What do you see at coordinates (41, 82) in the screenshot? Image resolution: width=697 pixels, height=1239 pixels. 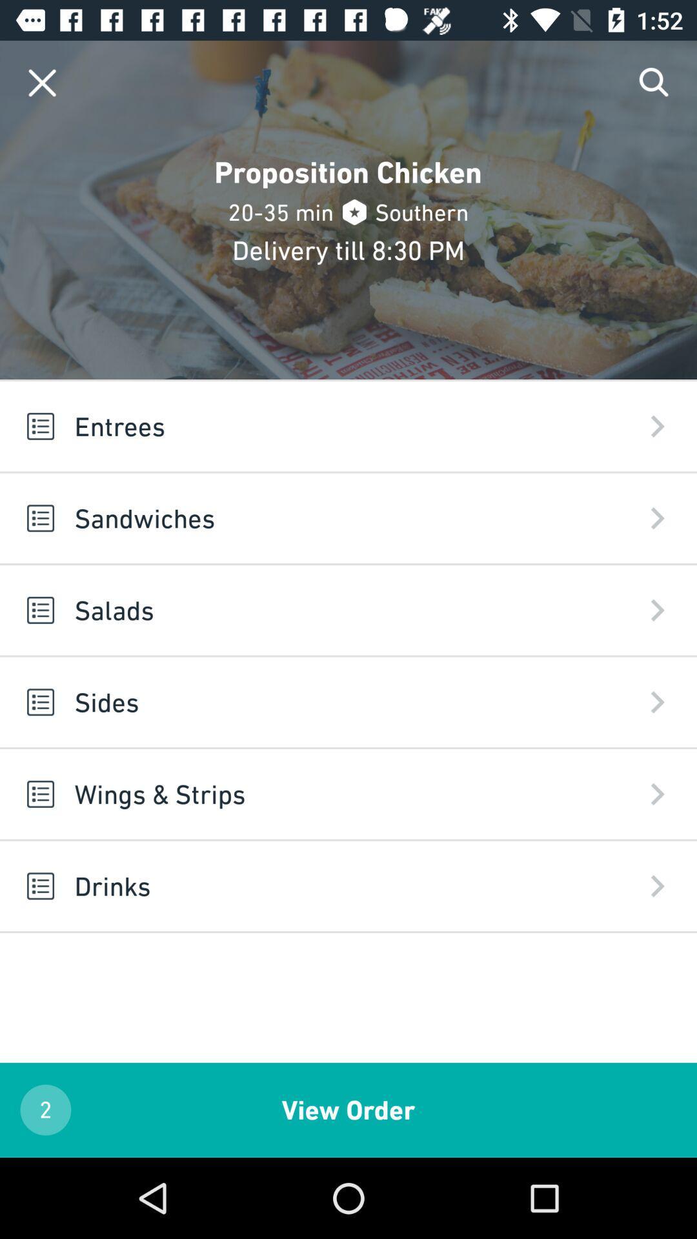 I see `icon above the entrees item` at bounding box center [41, 82].